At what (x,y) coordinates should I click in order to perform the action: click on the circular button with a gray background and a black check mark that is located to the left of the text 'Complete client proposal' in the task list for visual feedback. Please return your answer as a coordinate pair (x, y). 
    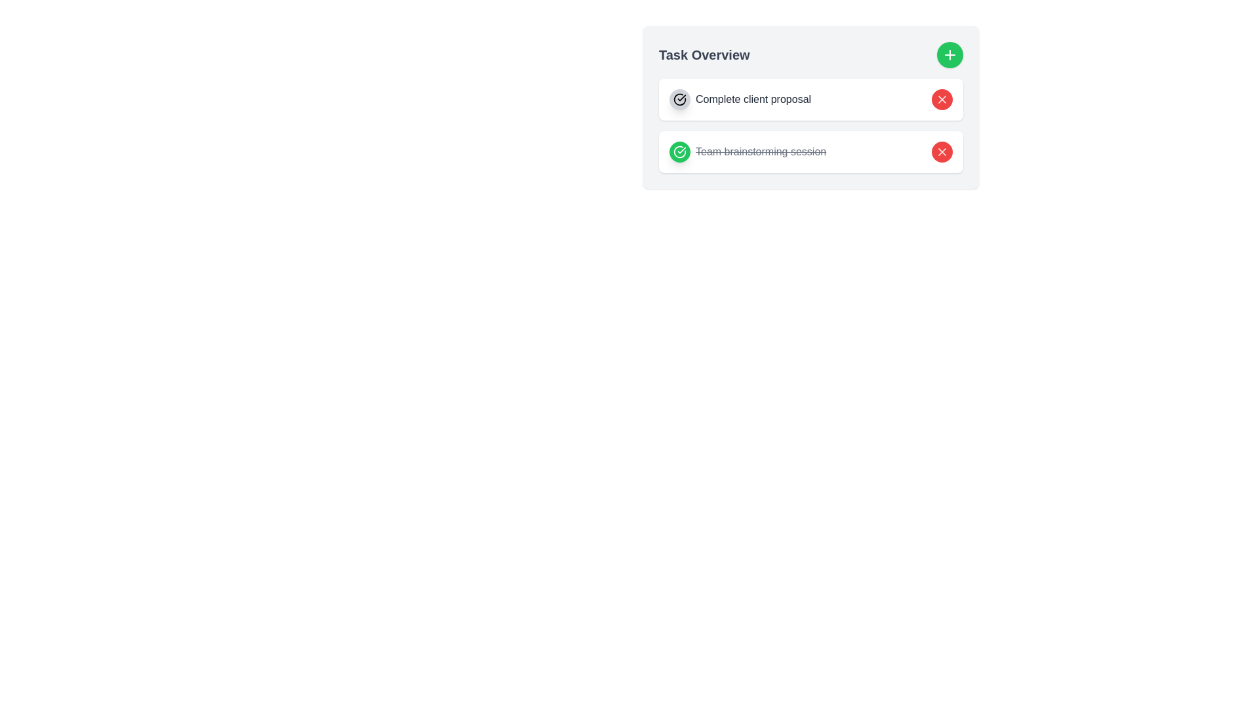
    Looking at the image, I should click on (679, 98).